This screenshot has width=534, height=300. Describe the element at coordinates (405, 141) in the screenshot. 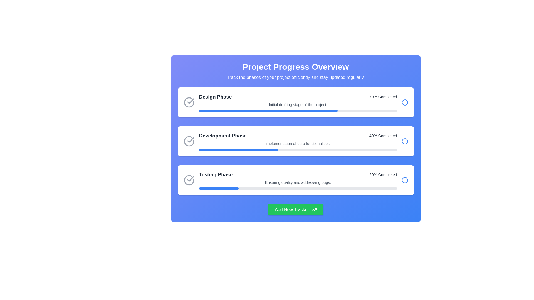

I see `the decorative Circle icon within the 'Development Phase' card, which is positioned near the '40% Completed' label` at that location.